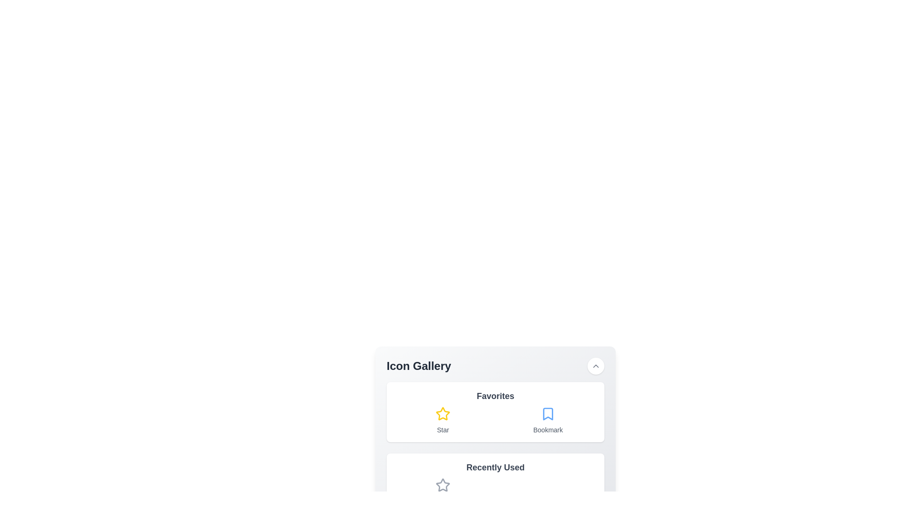 This screenshot has height=507, width=901. I want to click on the star icon located in the leftmost column of the 'Recently Used' section in the 'Icon Gallery', so click(443, 492).